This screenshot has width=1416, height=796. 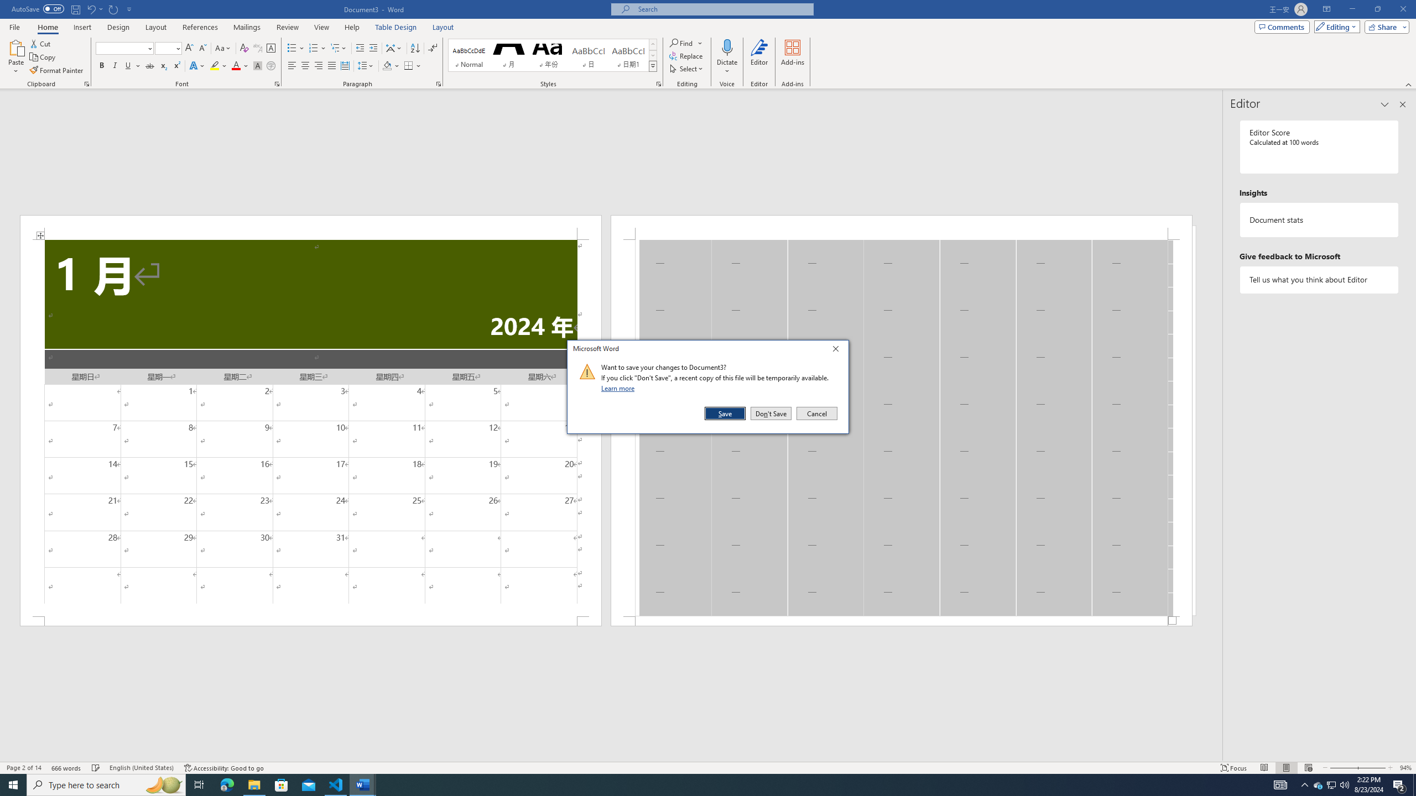 I want to click on 'Font Color RGB(255, 0, 0)', so click(x=235, y=65).